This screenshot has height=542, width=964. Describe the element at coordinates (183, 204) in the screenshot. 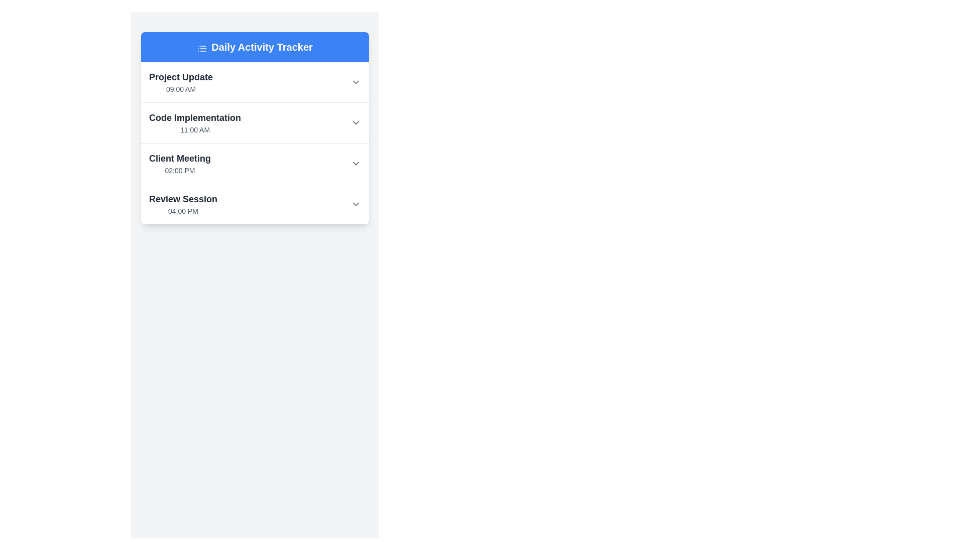

I see `the composite text label that serves as a title and time marker for a scheduled session within the 'Daily Activity Tracker' module, located in the lower portion of a structured list as the fourth item` at that location.